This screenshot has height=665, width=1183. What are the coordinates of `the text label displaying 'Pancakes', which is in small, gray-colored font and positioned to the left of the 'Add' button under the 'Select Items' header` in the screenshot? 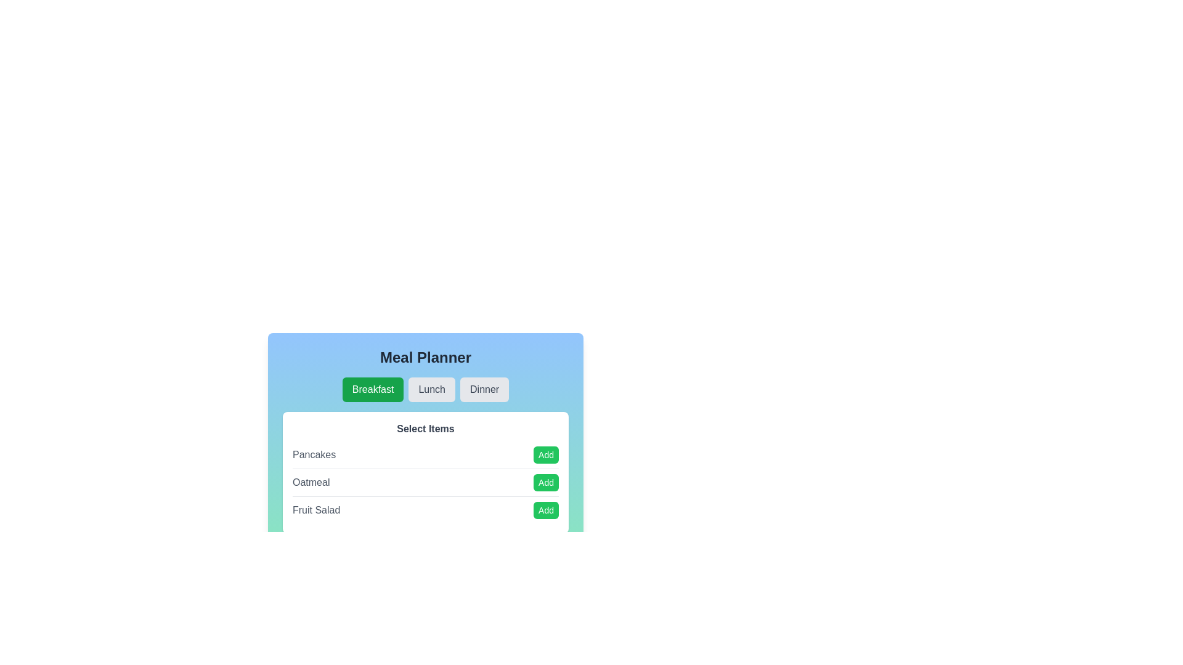 It's located at (314, 455).